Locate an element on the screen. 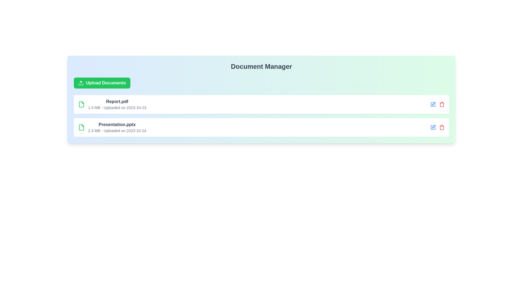 The image size is (527, 296). the text label displaying '1.5 MB - Uploaded on 2023-10-23', which is located below 'Report.pdf' in the document entry list is located at coordinates (117, 108).